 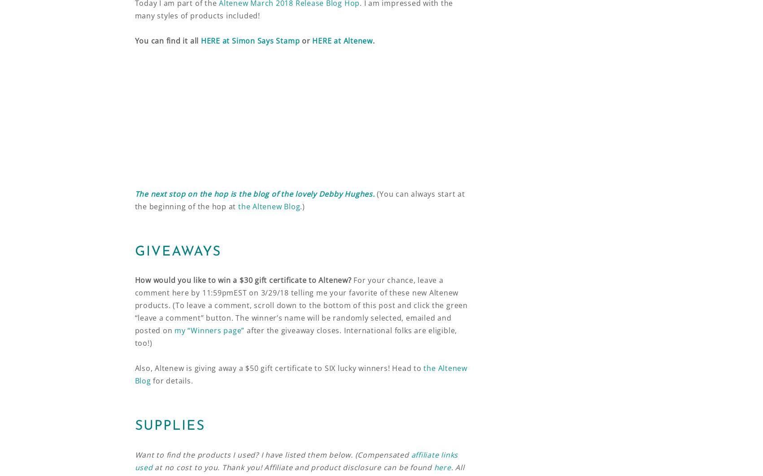 What do you see at coordinates (167, 40) in the screenshot?
I see `'You can find it all'` at bounding box center [167, 40].